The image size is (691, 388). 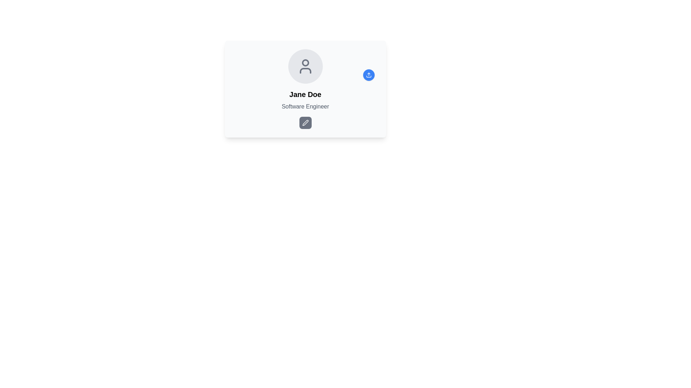 What do you see at coordinates (305, 66) in the screenshot?
I see `the avatar icon representing Jane Doe, which is located above the text 'Jane Doe' and 'Software Engineer' in the first row of the card layout` at bounding box center [305, 66].